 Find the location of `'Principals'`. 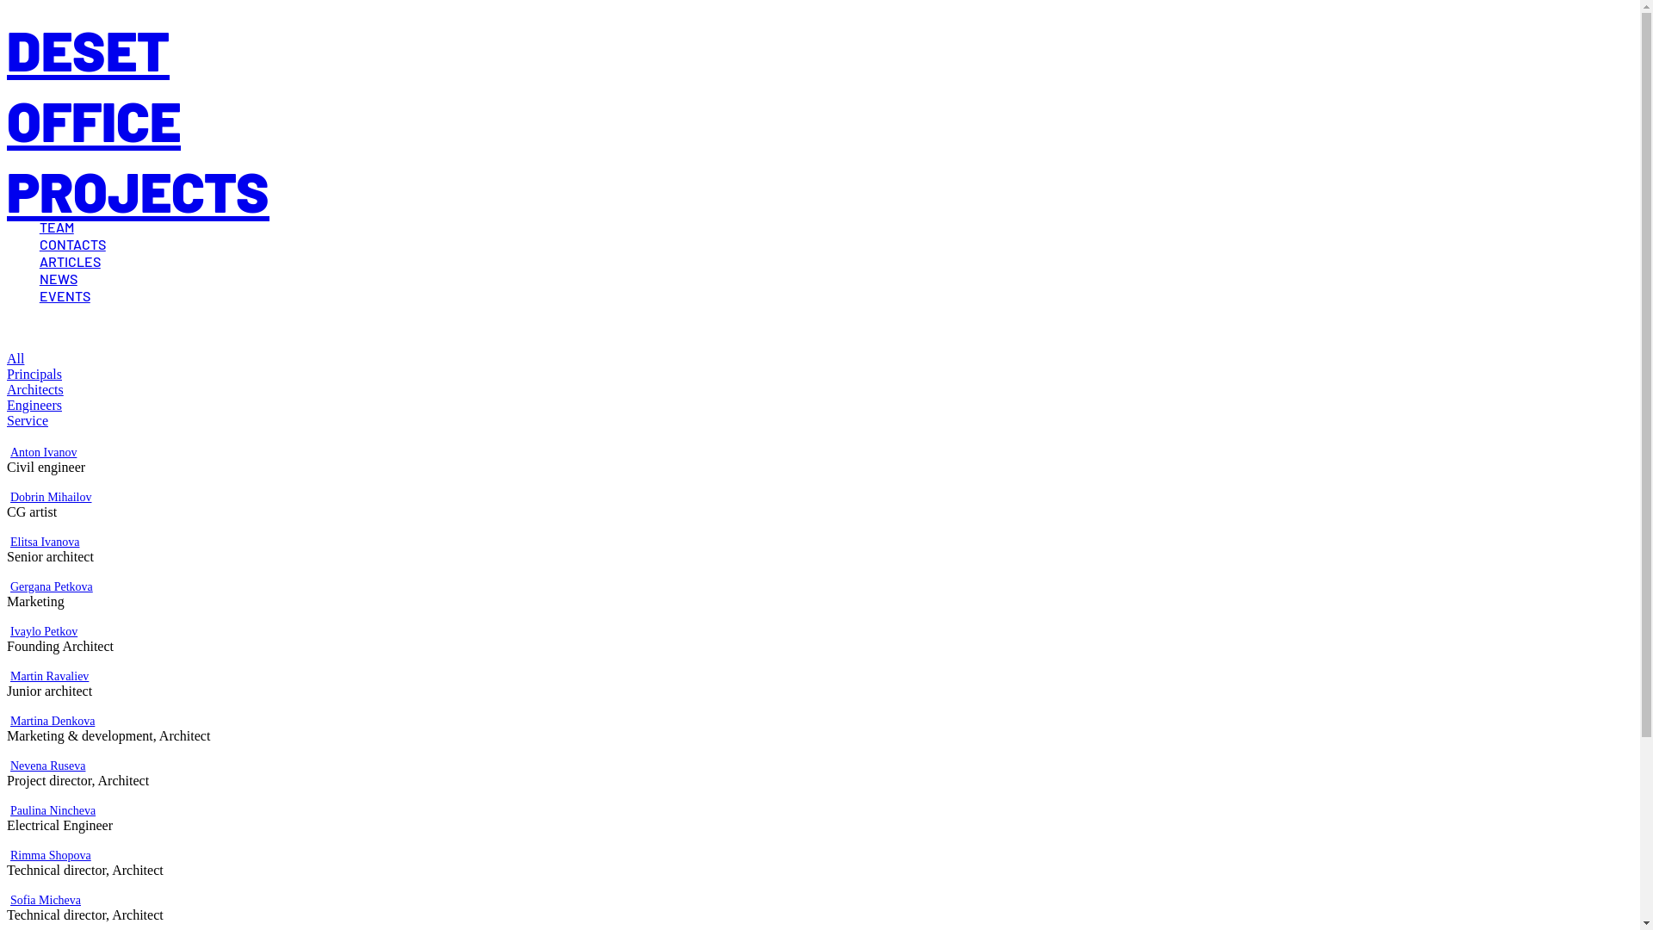

'Principals' is located at coordinates (34, 373).